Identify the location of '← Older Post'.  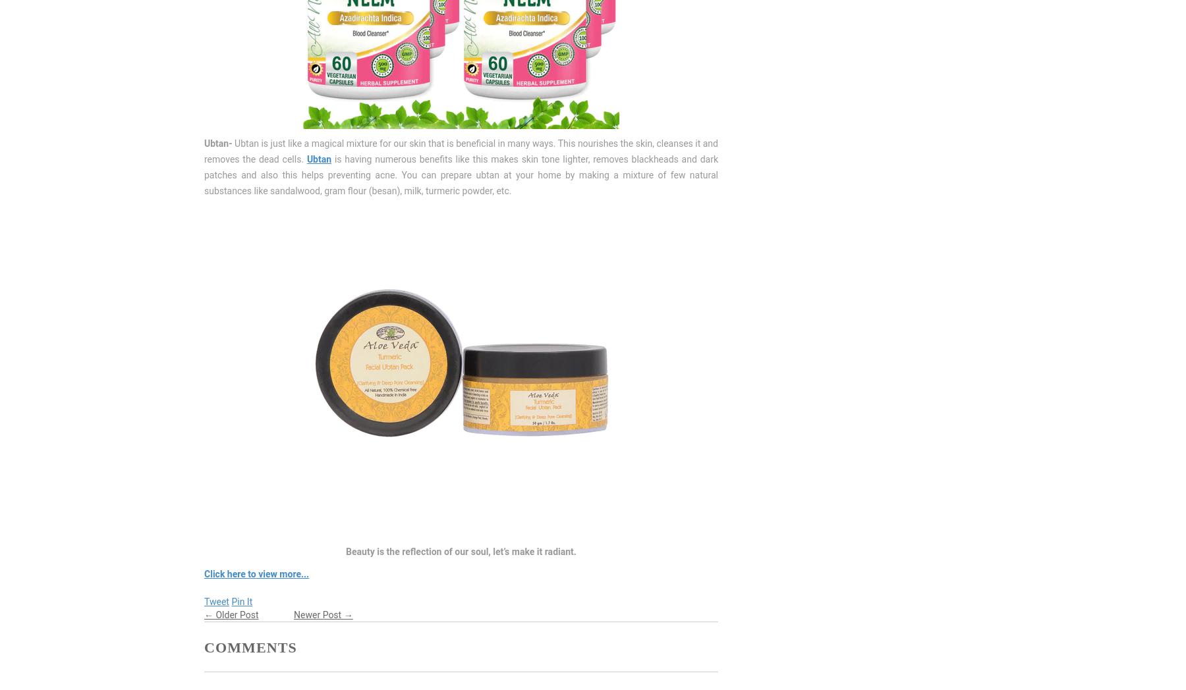
(203, 614).